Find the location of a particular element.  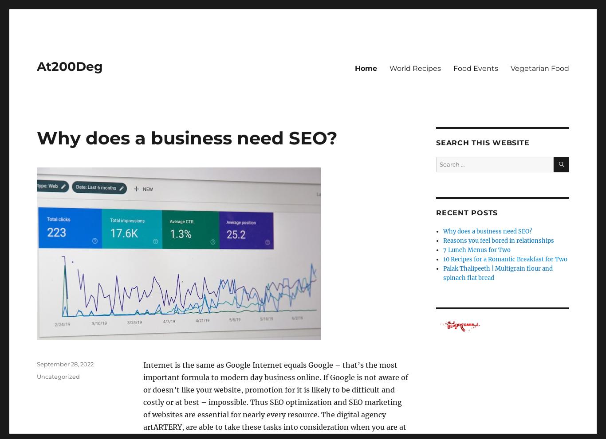

'Vegetarian Food' is located at coordinates (539, 68).